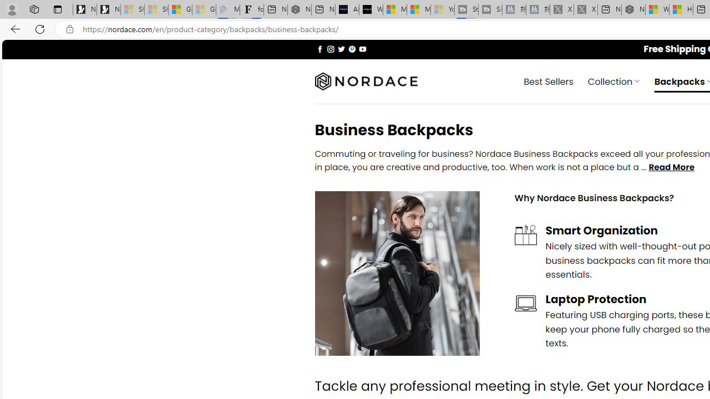 Image resolution: width=710 pixels, height=399 pixels. What do you see at coordinates (671, 167) in the screenshot?
I see `'Read More'` at bounding box center [671, 167].